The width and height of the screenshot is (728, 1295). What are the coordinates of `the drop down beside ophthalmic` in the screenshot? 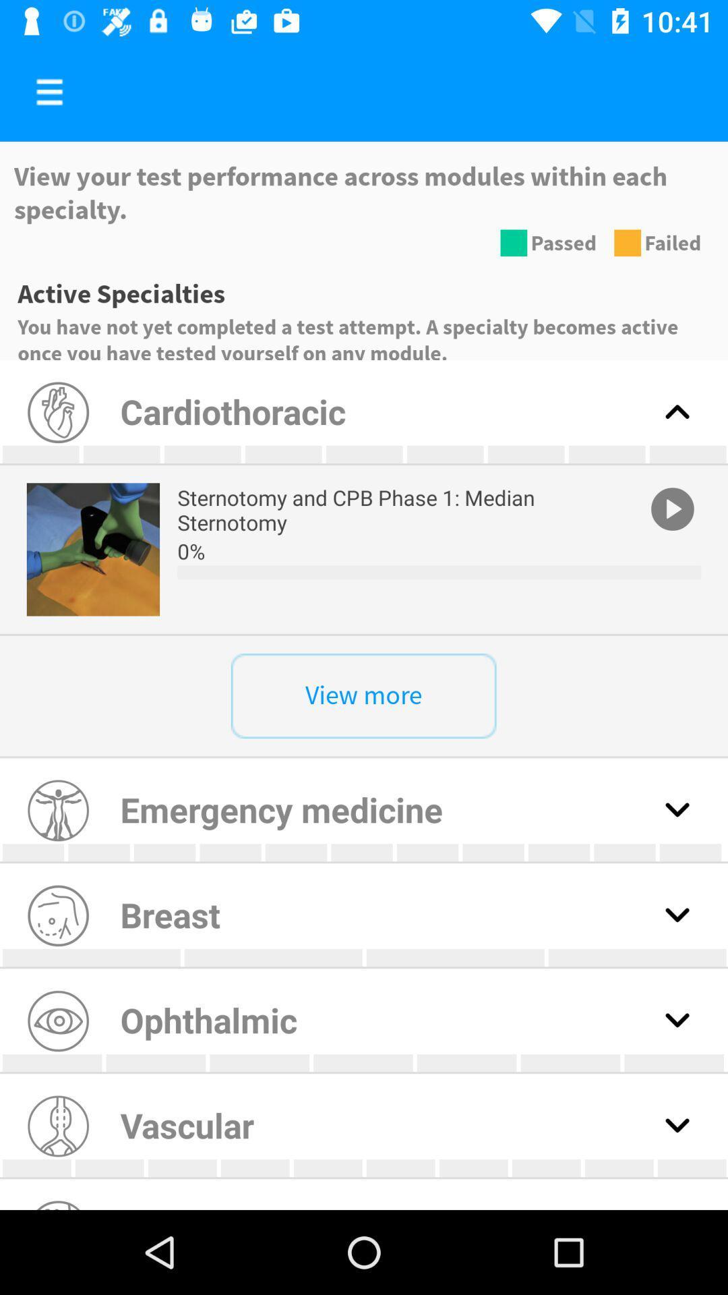 It's located at (677, 1020).